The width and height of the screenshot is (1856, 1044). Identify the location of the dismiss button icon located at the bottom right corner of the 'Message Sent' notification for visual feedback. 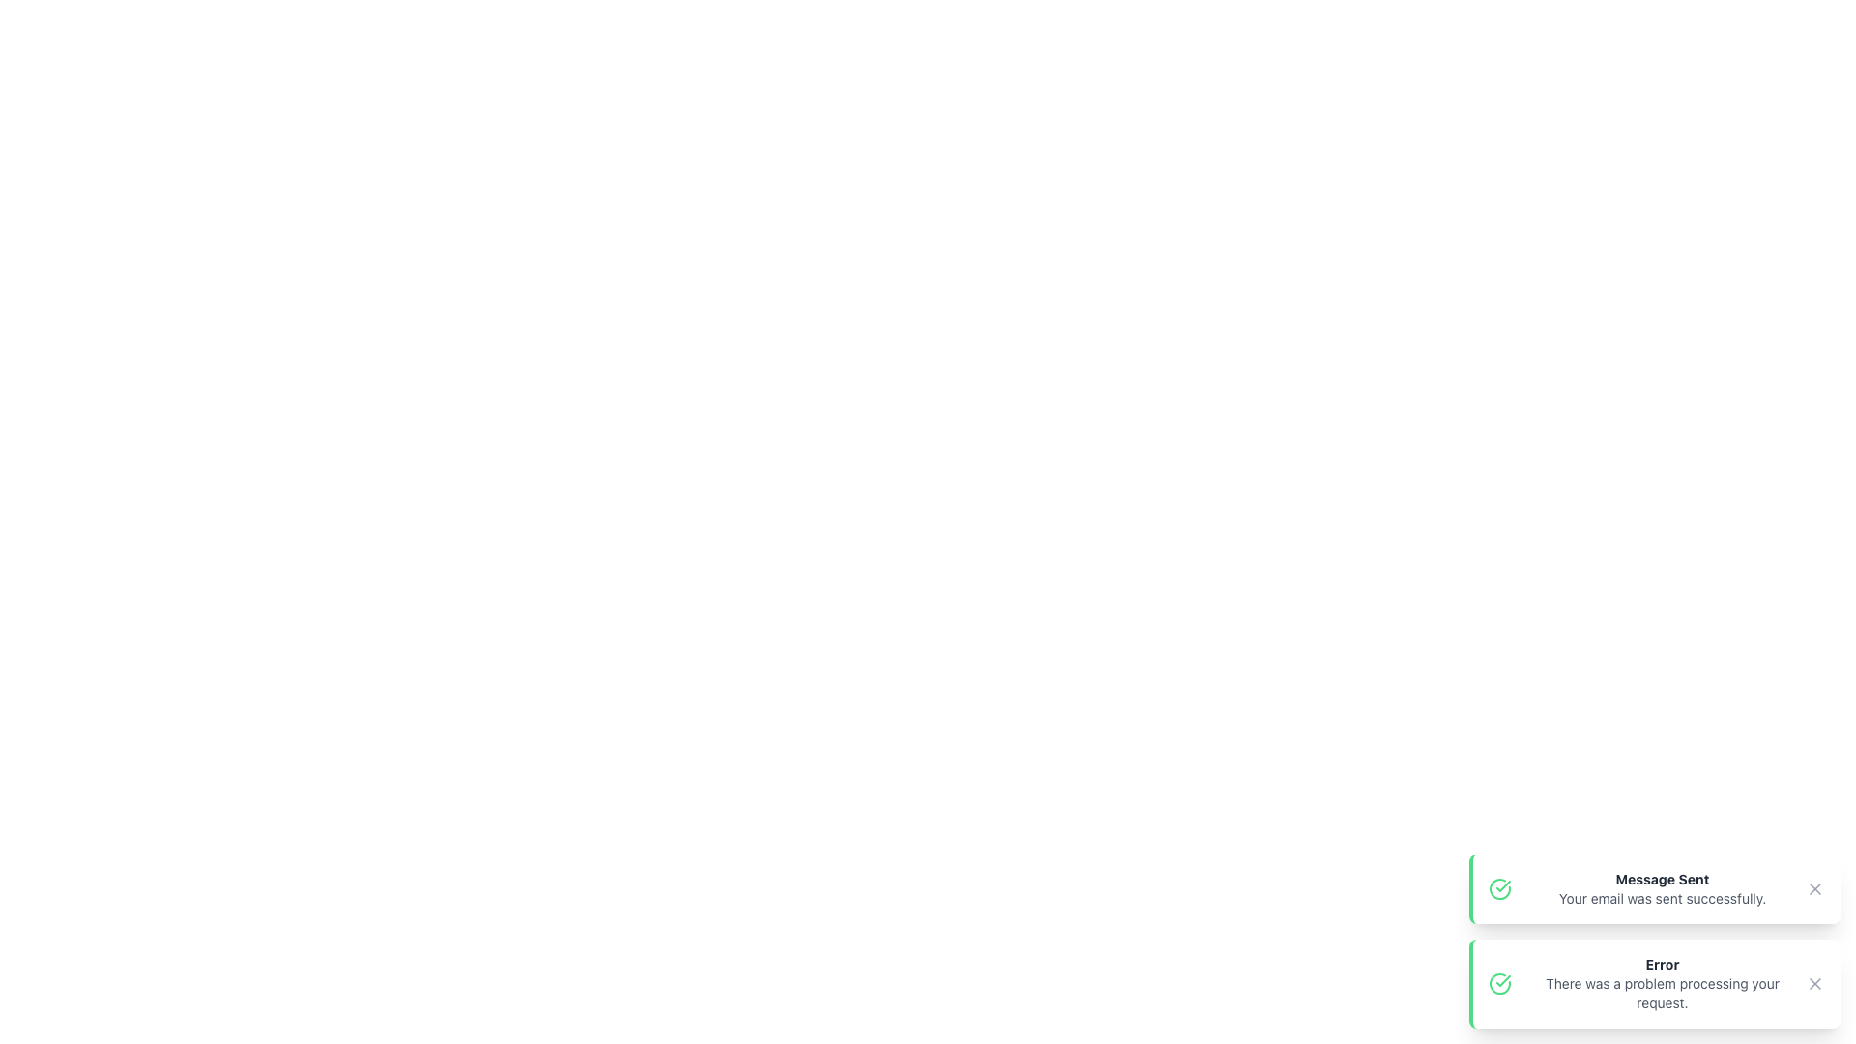
(1813, 889).